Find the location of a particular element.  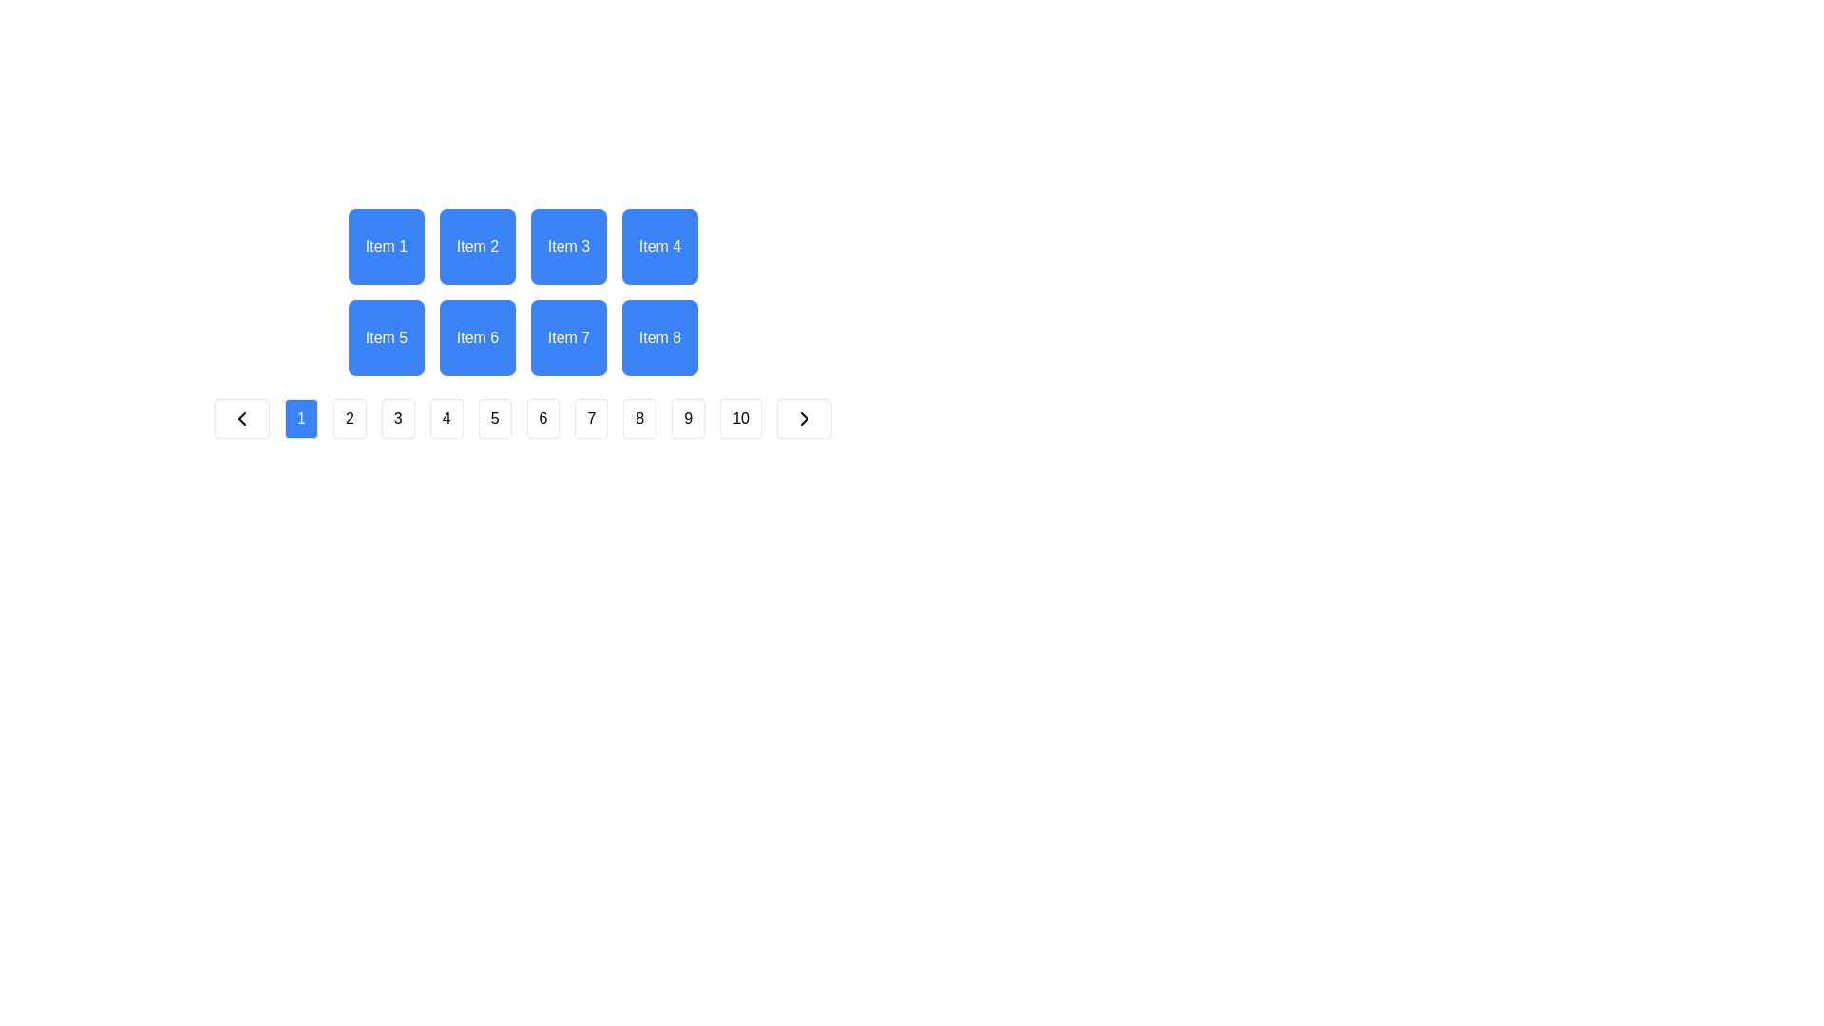

the ninth numeric button is located at coordinates (687, 417).